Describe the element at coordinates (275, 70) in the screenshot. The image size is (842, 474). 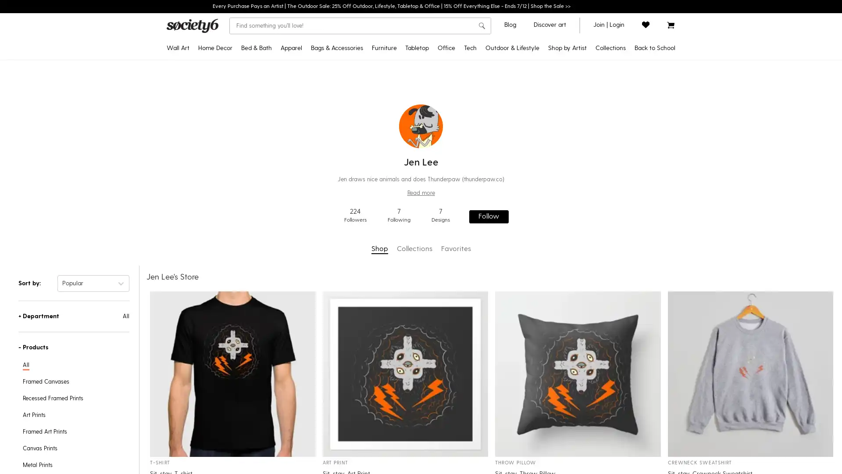
I see `Comforters` at that location.